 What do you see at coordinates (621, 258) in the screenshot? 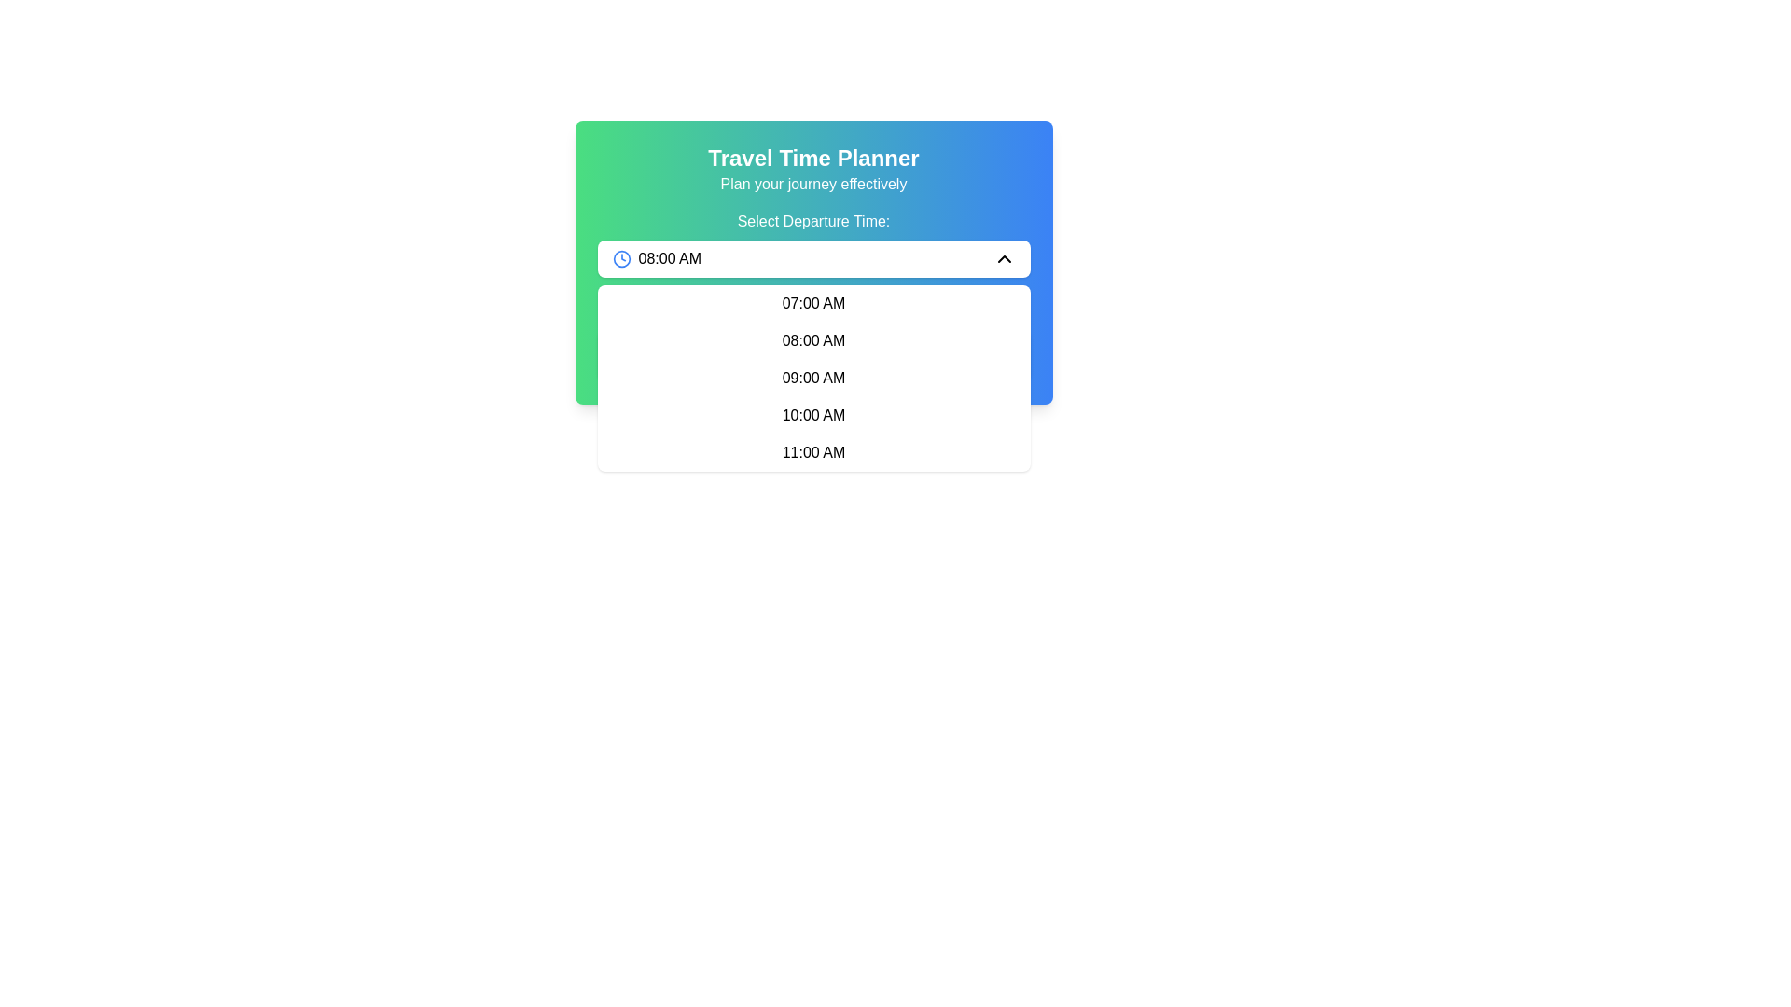
I see `the time icon located to the left of the text '08:00 AM' in the dropdown selection box labeled 'Select Departure Time'` at bounding box center [621, 258].